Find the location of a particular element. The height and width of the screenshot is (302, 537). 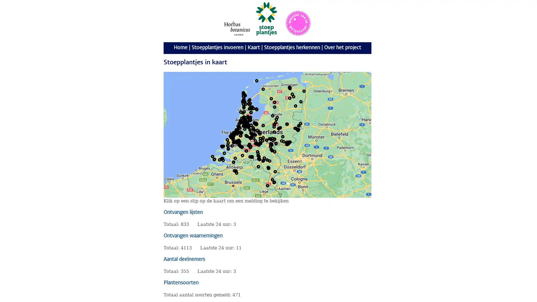

Telling van Josien Hofs op 16 mei 2022 is located at coordinates (239, 140).